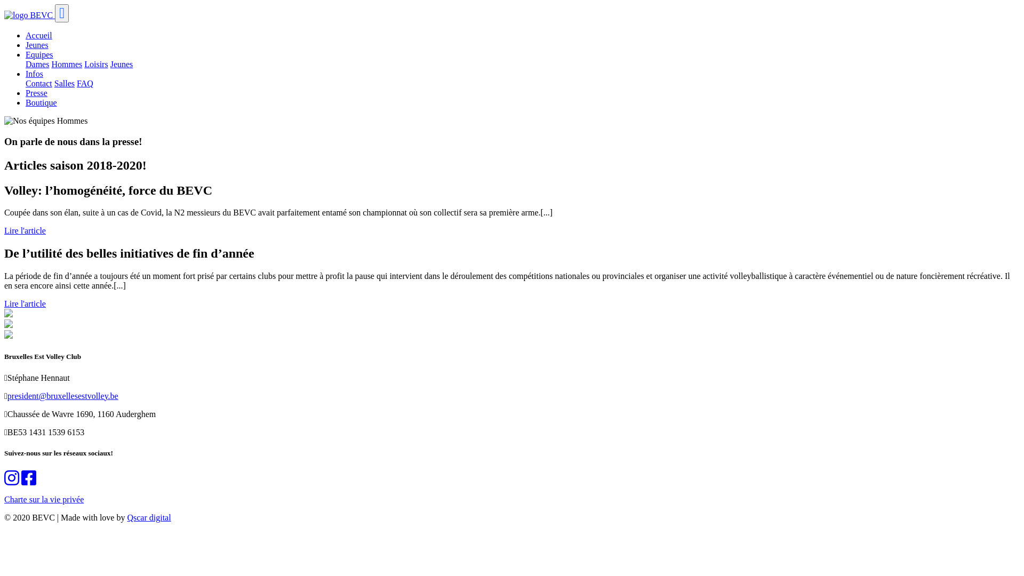  I want to click on 'Infos', so click(34, 73).